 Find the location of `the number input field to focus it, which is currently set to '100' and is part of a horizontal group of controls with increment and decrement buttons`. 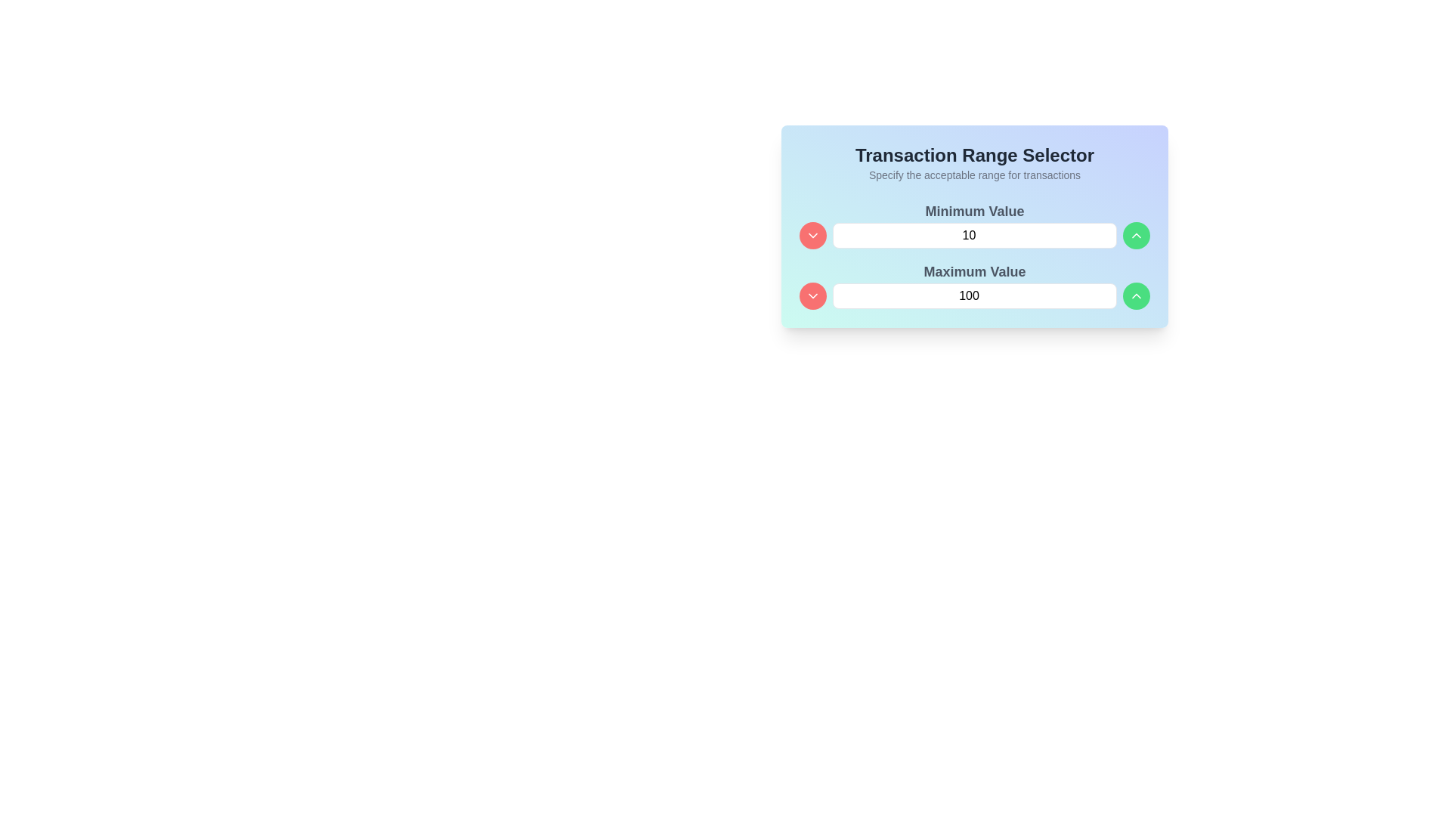

the number input field to focus it, which is currently set to '100' and is part of a horizontal group of controls with increment and decrement buttons is located at coordinates (975, 296).